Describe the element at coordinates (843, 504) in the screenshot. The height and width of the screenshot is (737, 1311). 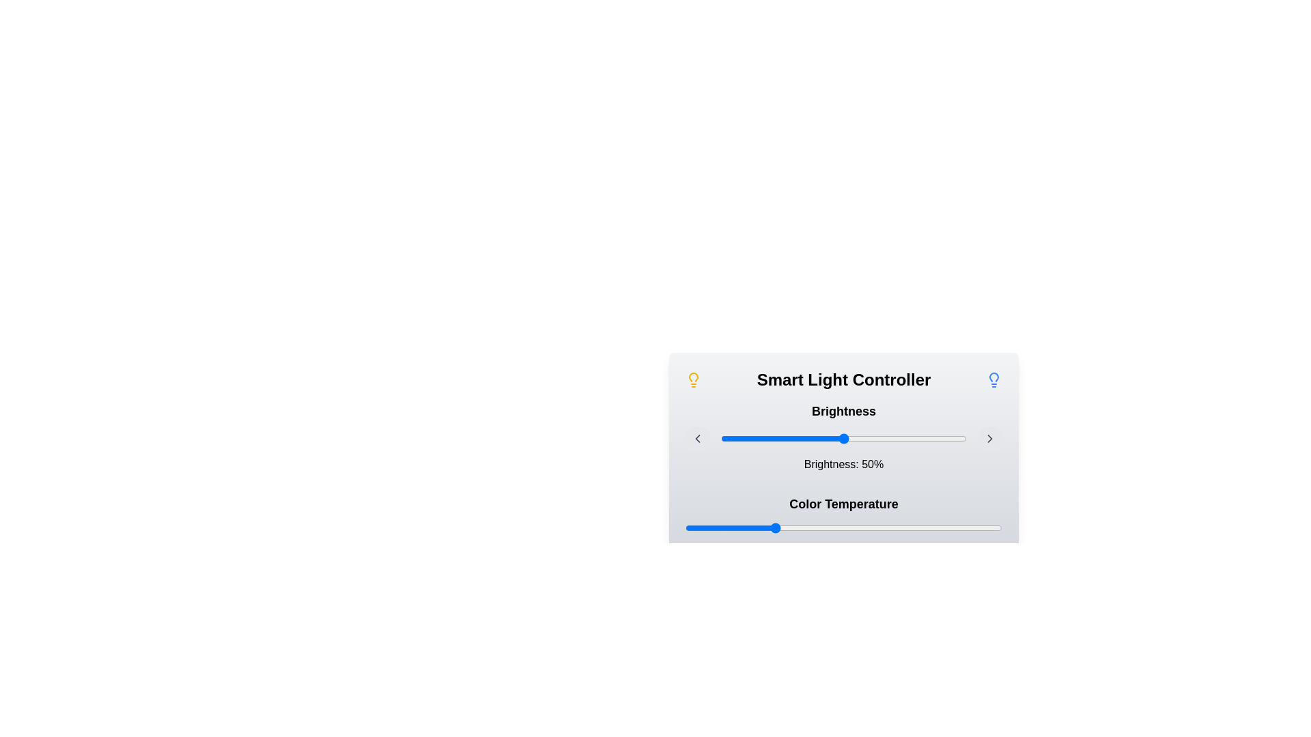
I see `the text label displaying 'Color Temperature' in bold, located in the lower half of the interface panel with a light gray background` at that location.